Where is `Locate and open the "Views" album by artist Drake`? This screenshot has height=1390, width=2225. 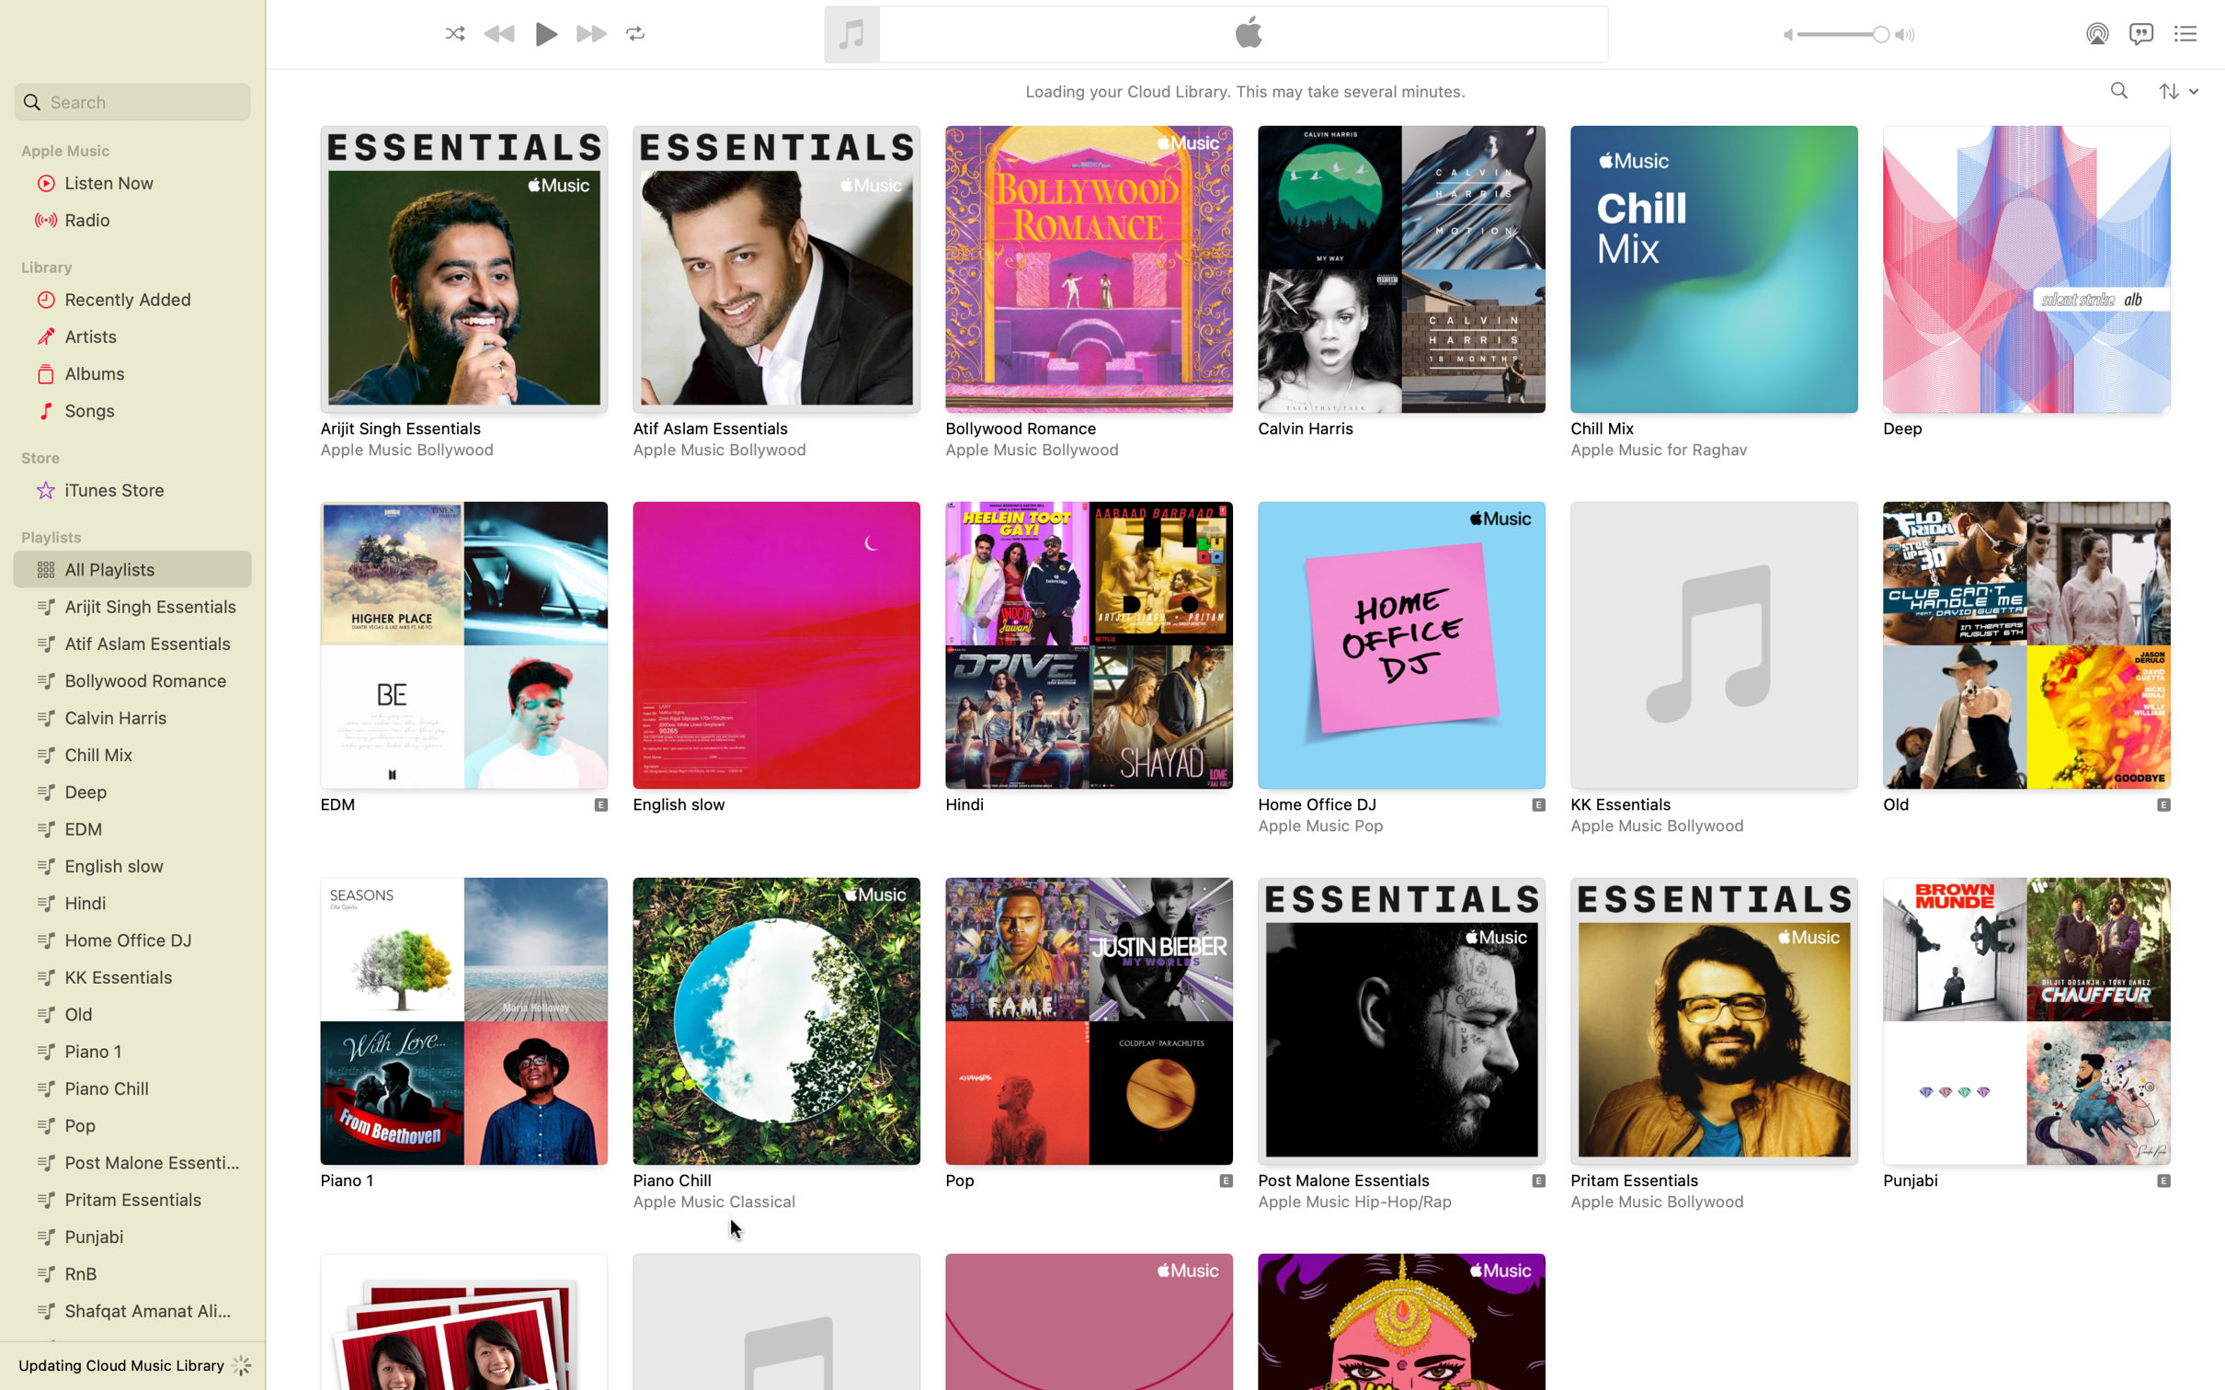 Locate and open the "Views" album by artist Drake is located at coordinates (2119, 91).